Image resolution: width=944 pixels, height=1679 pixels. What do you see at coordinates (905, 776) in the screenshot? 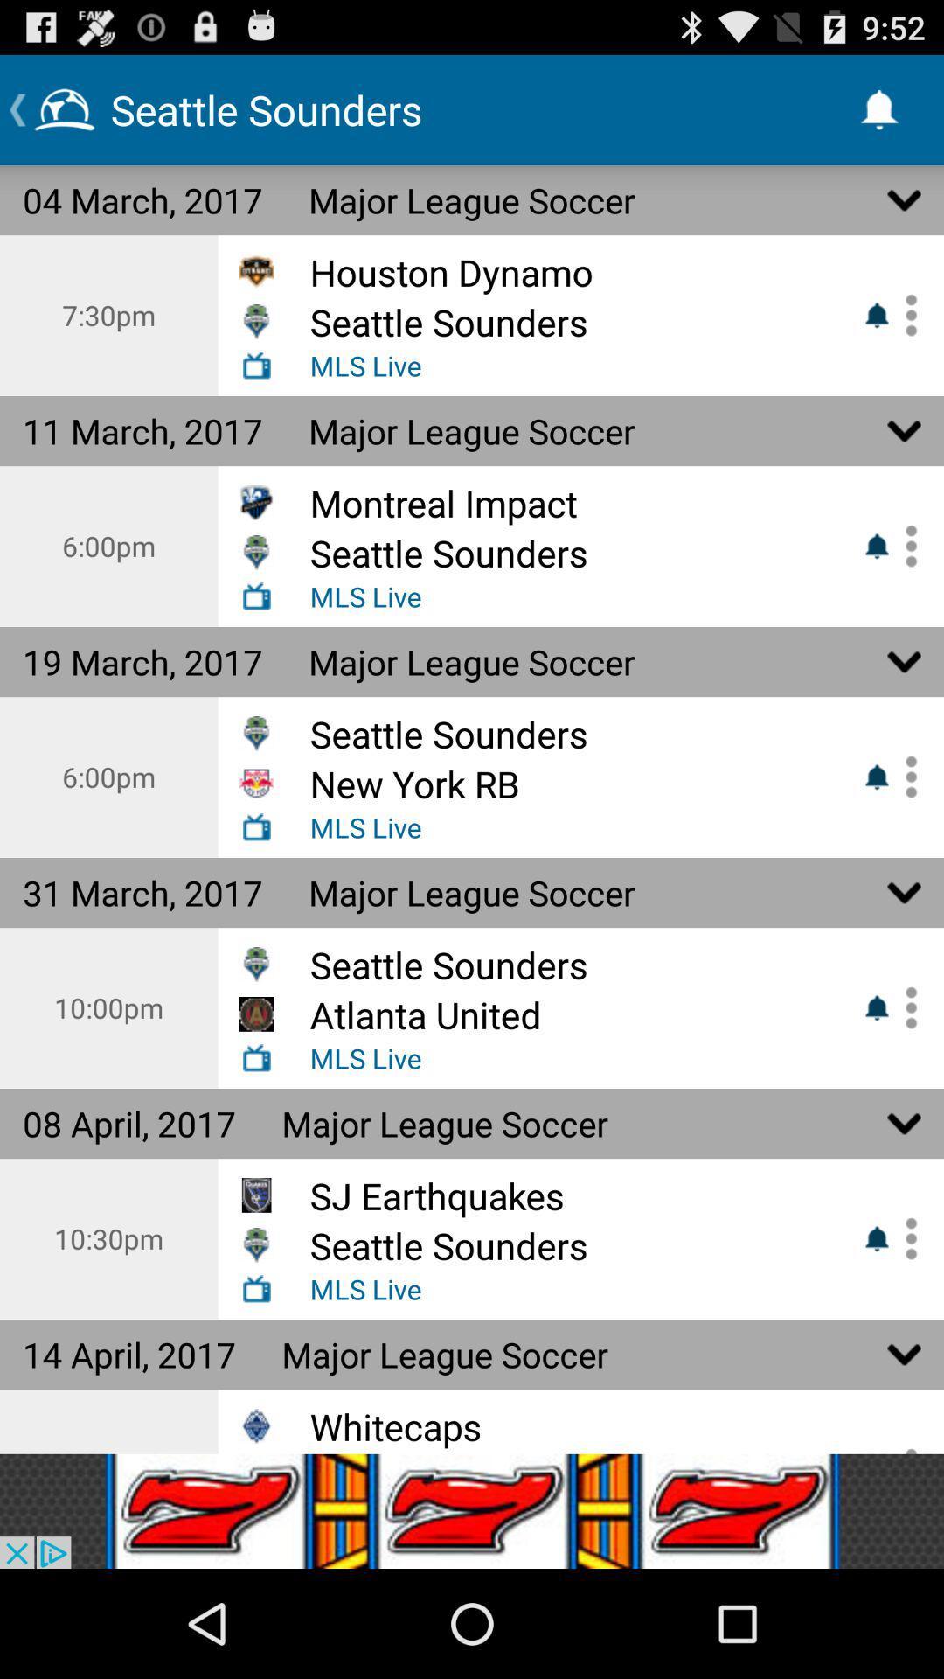
I see `customise` at bounding box center [905, 776].